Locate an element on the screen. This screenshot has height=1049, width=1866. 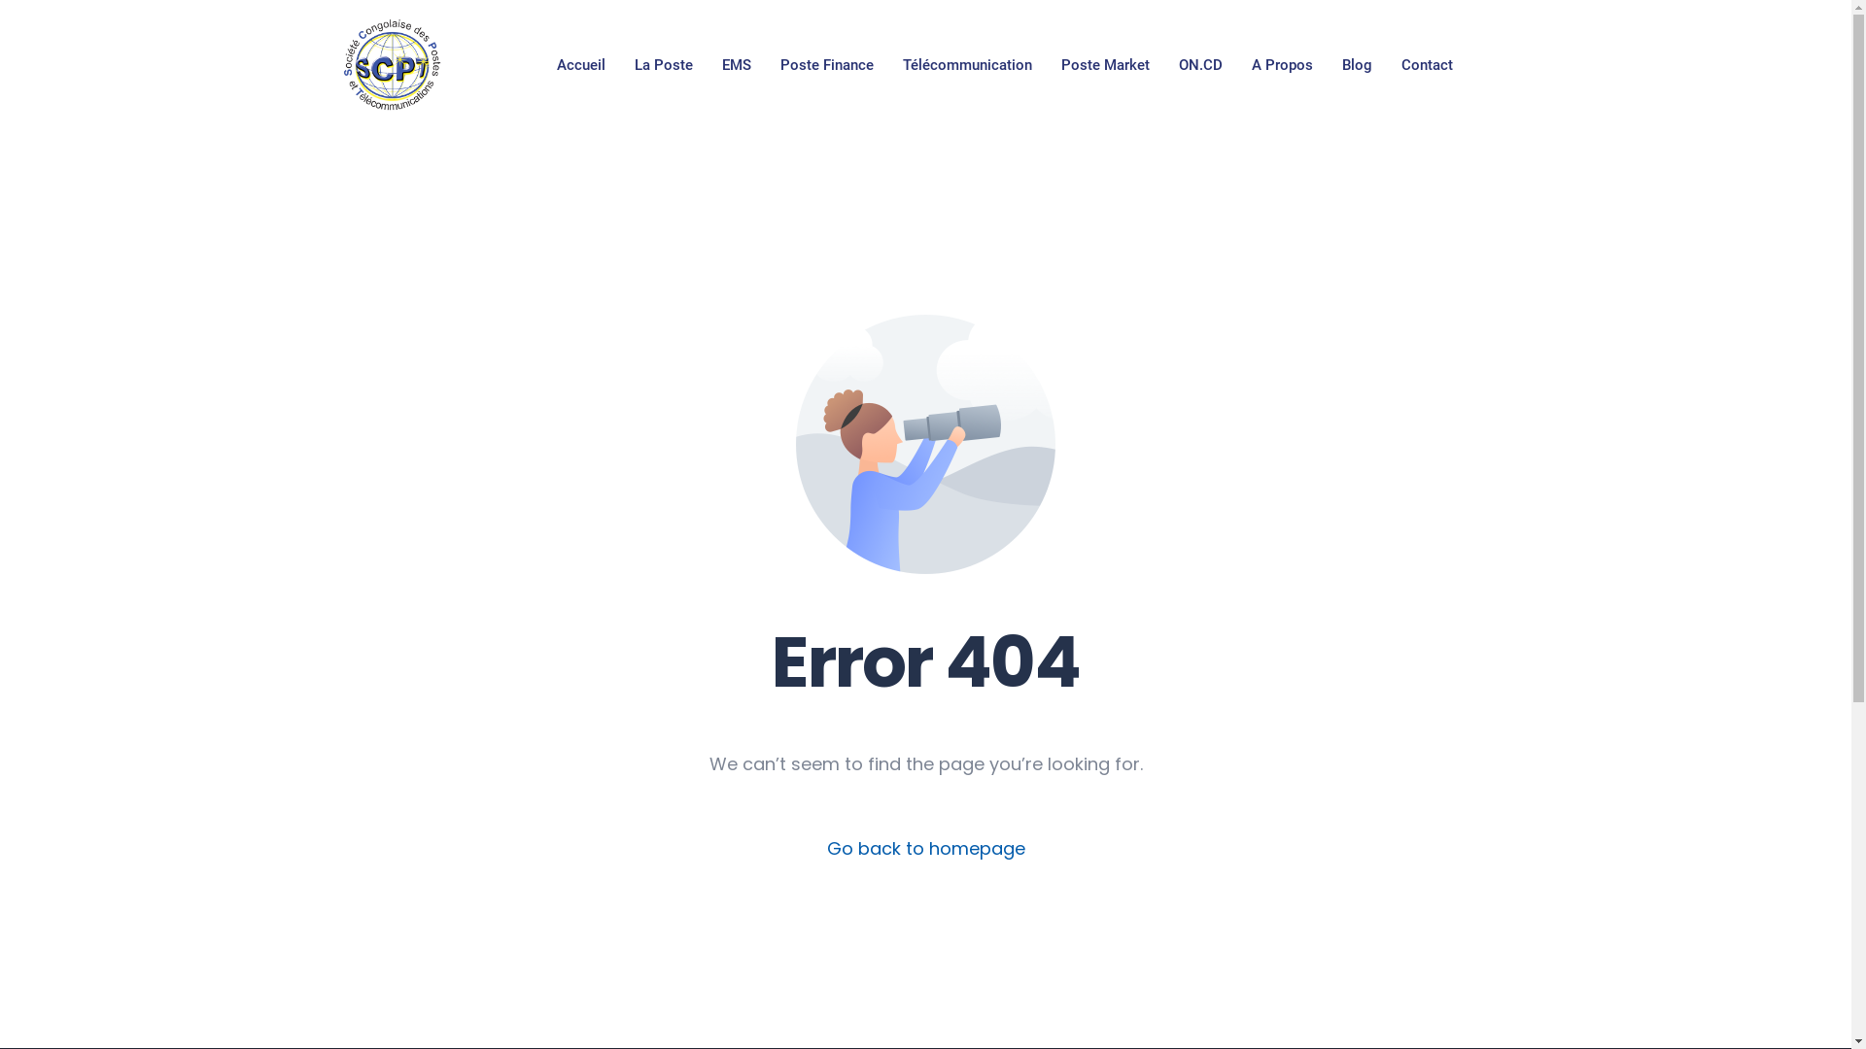
'Poste Market' is located at coordinates (1105, 63).